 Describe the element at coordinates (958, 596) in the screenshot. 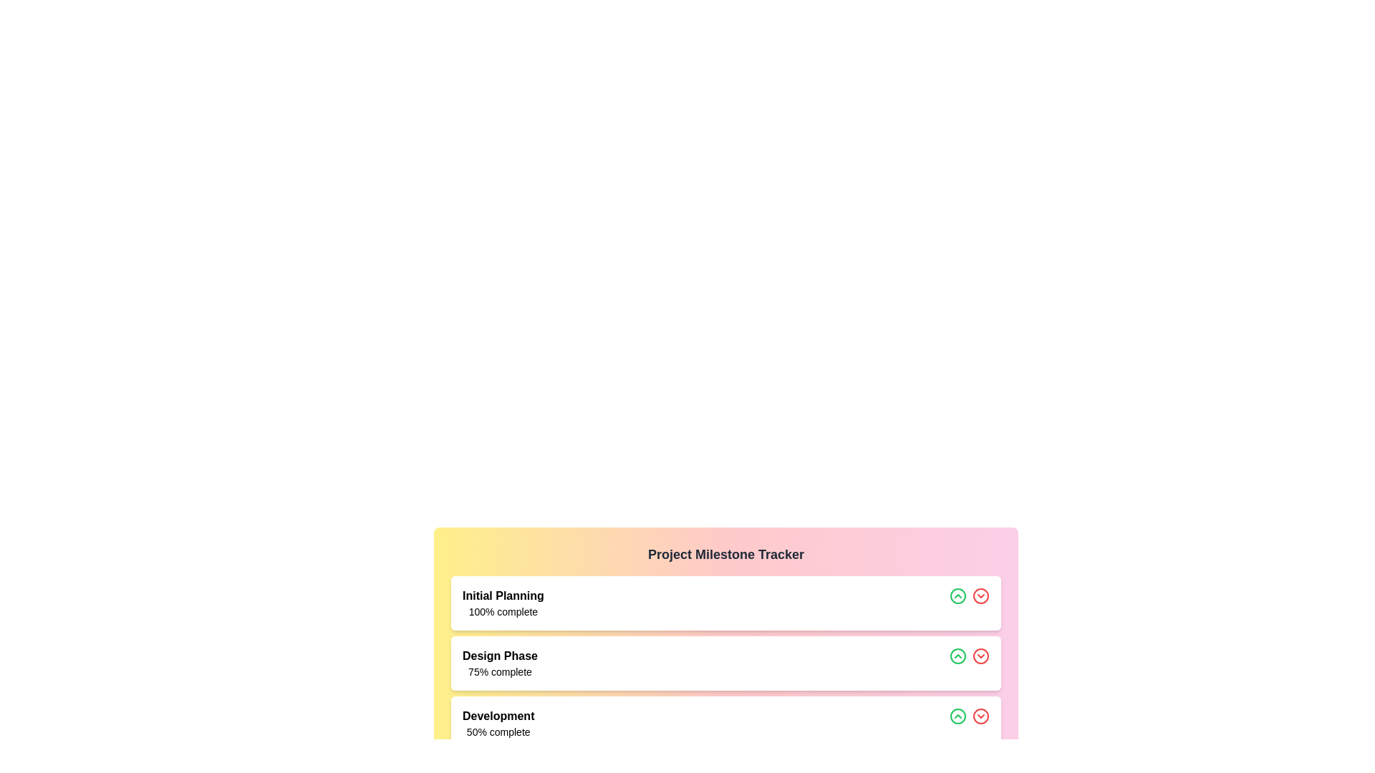

I see `the green circular icon button with an upwards chevron located to the right of the 'Design Phase' row, which is the upper icon in the pair of green and red buttons` at that location.